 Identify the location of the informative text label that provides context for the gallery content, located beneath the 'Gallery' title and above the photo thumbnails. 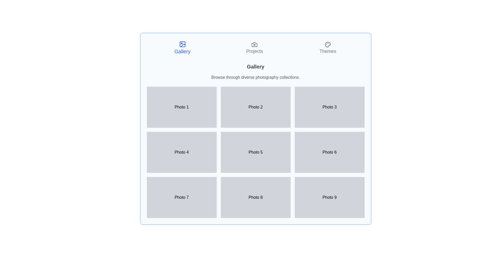
(255, 77).